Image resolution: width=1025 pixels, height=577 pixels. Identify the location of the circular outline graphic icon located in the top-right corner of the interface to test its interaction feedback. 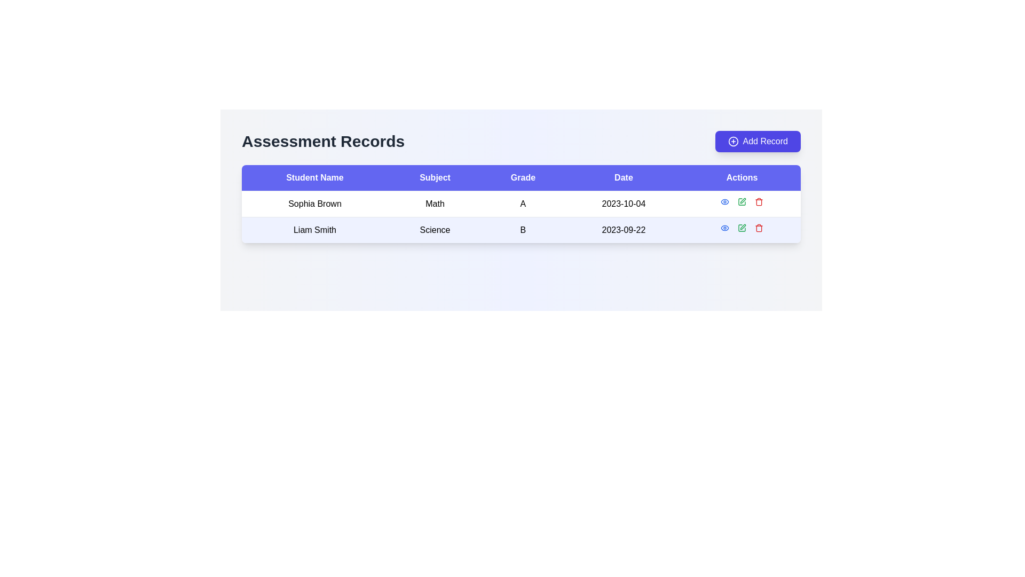
(732, 141).